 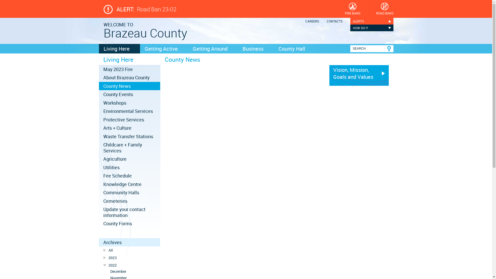 I want to click on 'May 2023 Fire', so click(x=129, y=69).